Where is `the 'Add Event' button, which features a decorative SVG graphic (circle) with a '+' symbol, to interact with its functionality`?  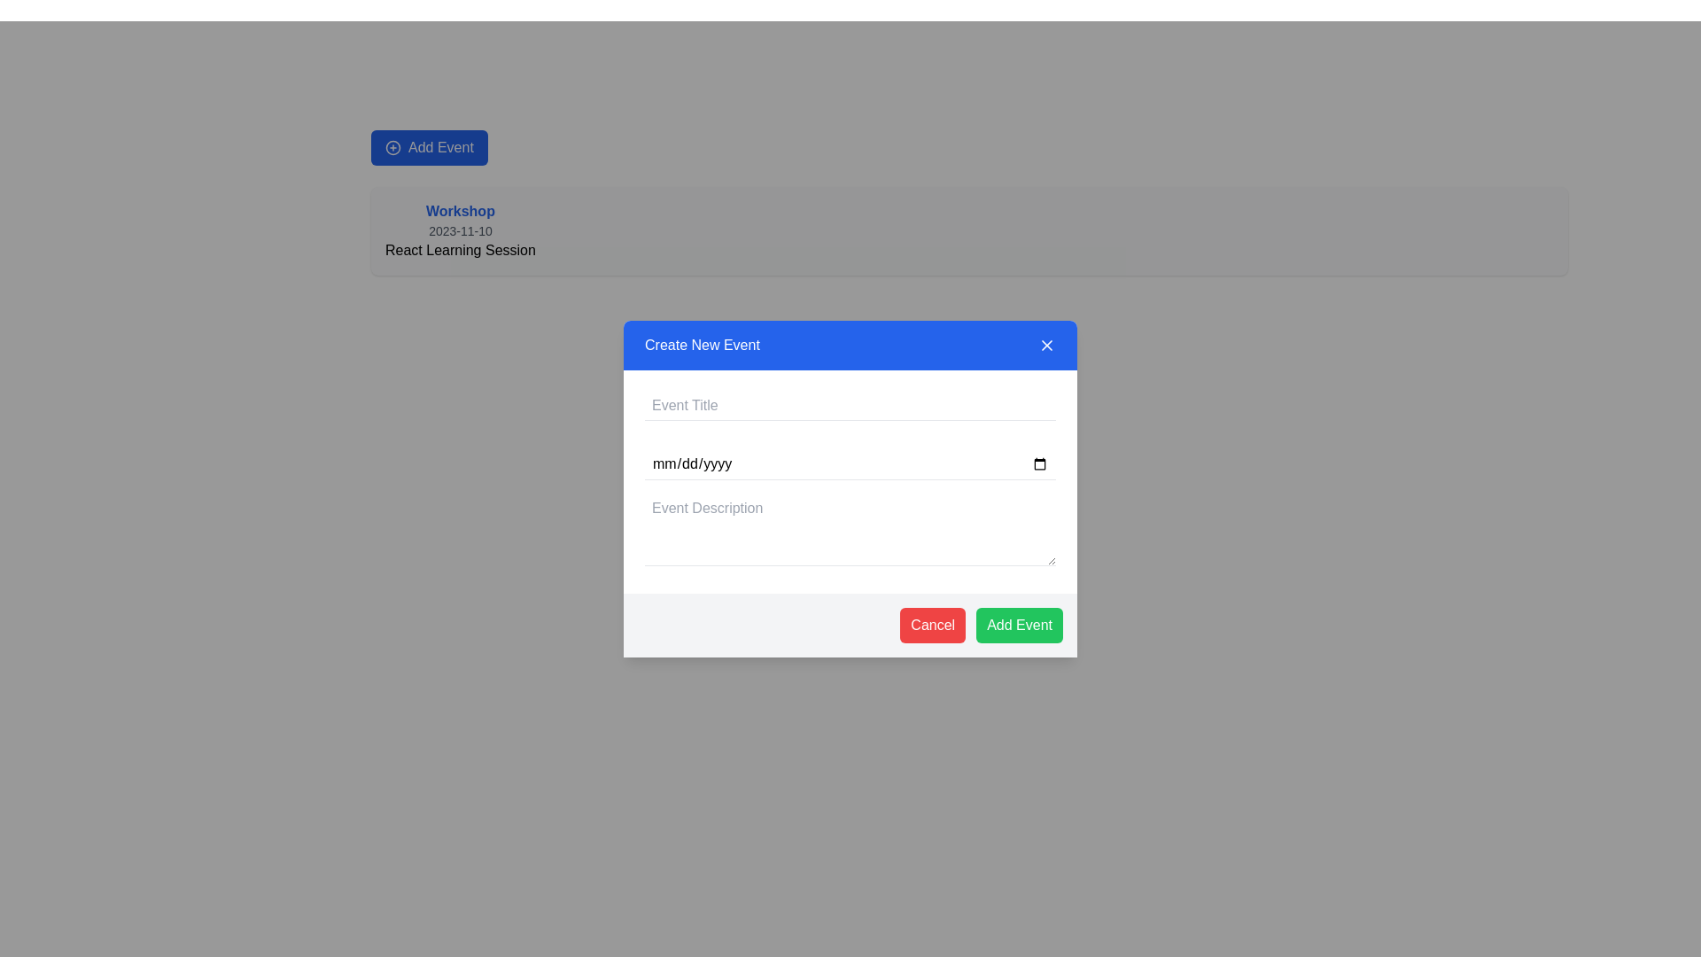
the 'Add Event' button, which features a decorative SVG graphic (circle) with a '+' symbol, to interact with its functionality is located at coordinates (392, 146).